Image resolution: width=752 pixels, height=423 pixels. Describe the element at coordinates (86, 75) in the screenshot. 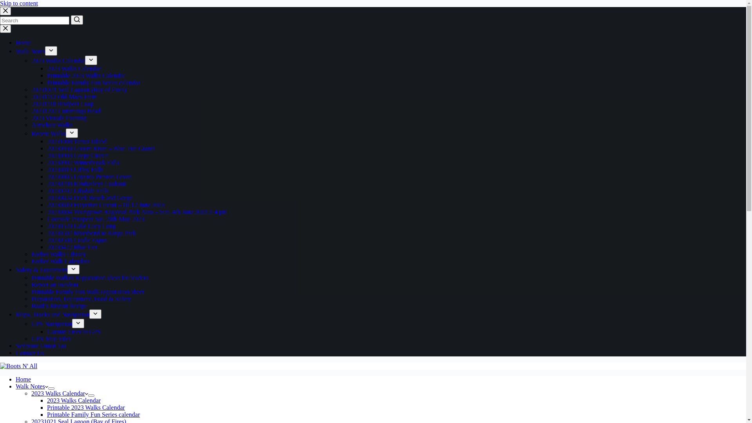

I see `'Printable 2023 Walks Calendar'` at that location.